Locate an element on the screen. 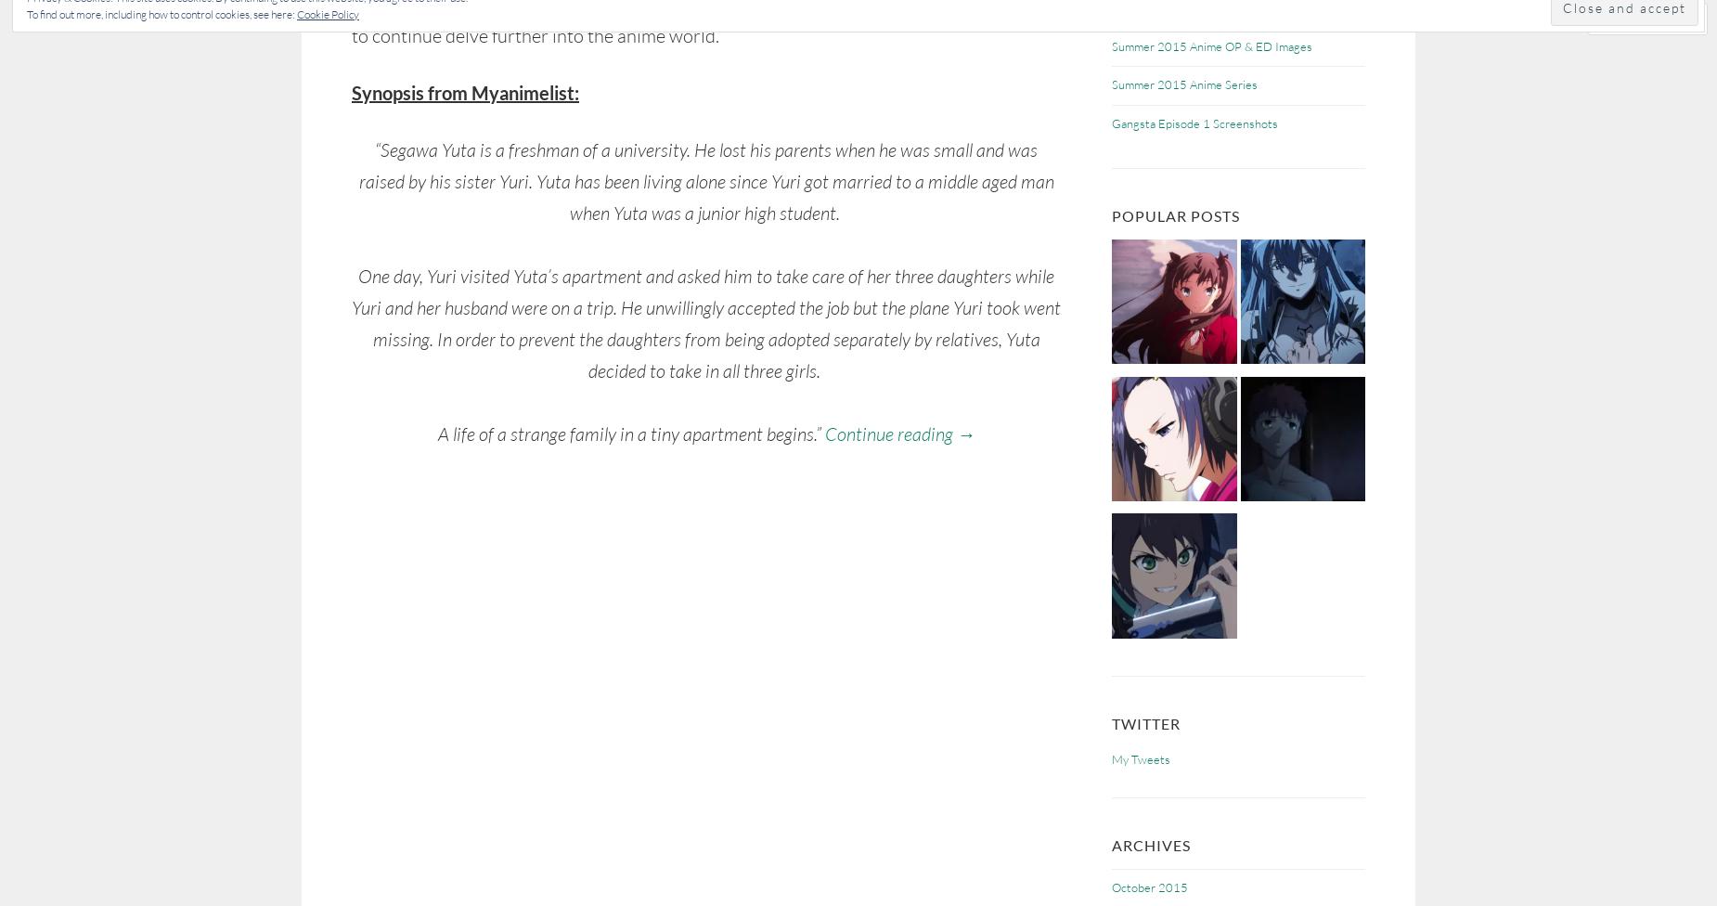 The width and height of the screenshot is (1717, 906). 'Follow' is located at coordinates (1641, 19).